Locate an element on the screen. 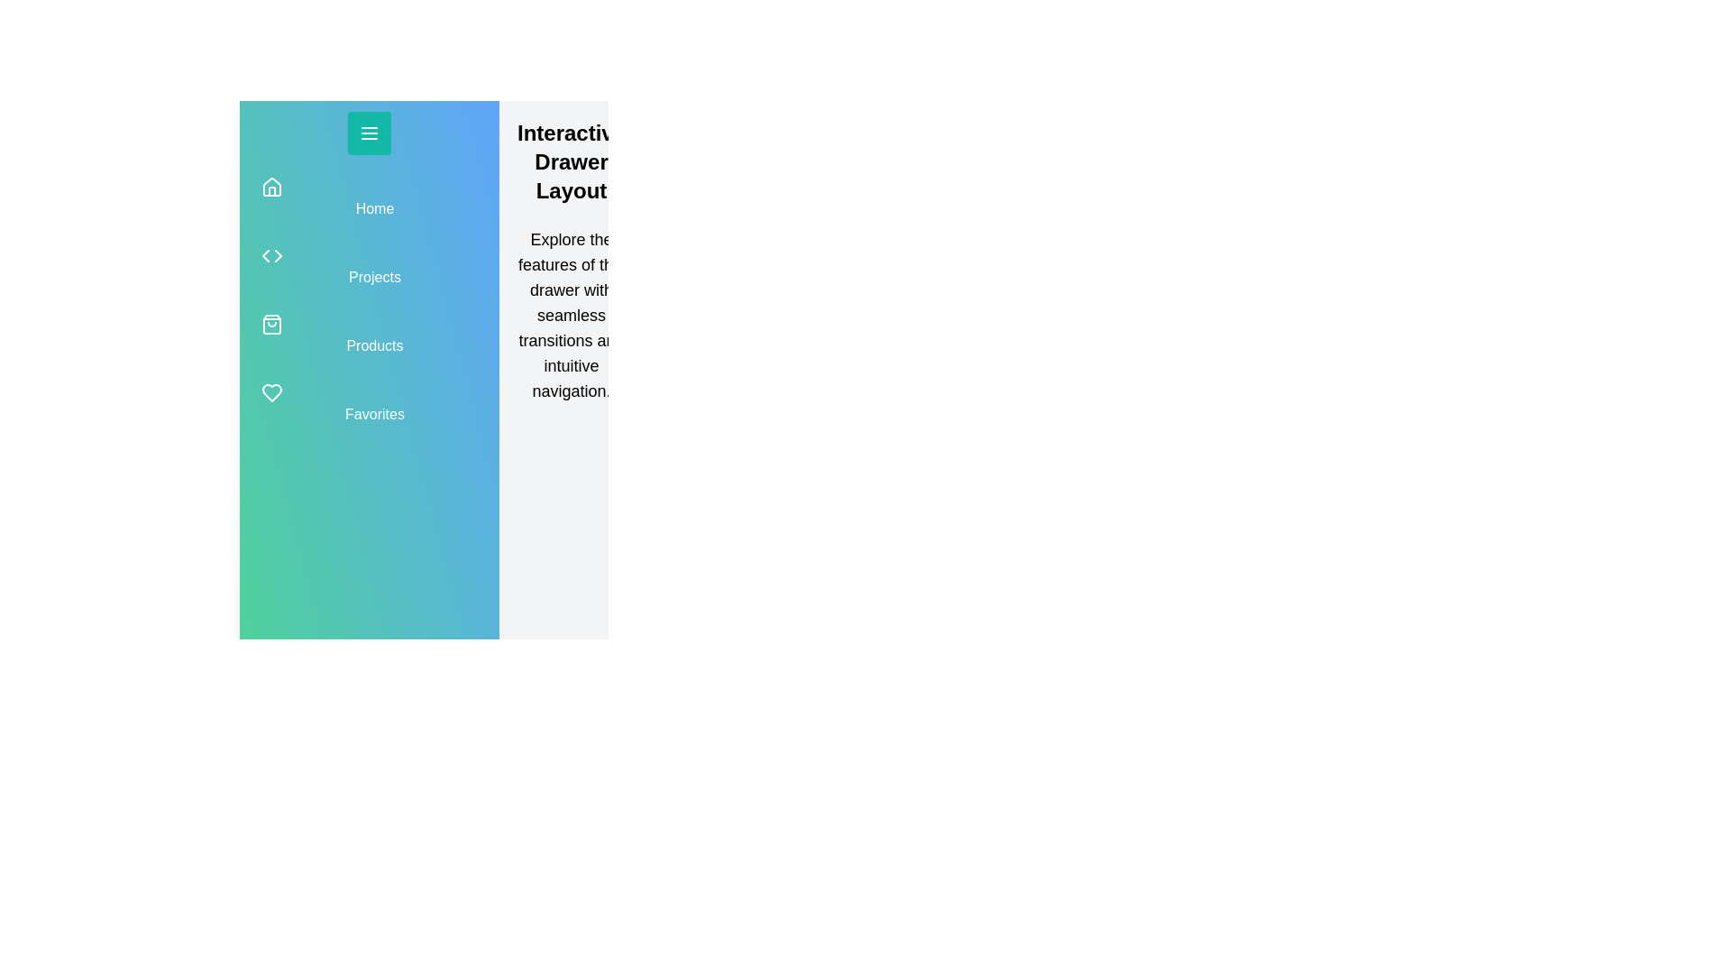 This screenshot has width=1731, height=974. the navigation item Home is located at coordinates (368, 198).